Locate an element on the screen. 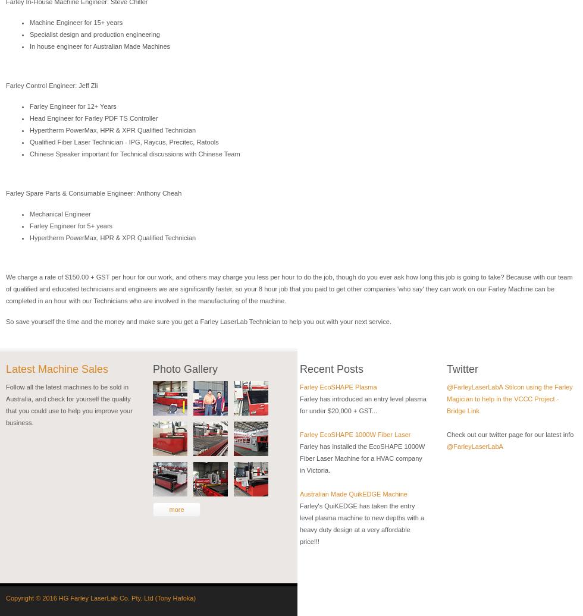  'Machine Engineer for 15+ years' is located at coordinates (76, 23).